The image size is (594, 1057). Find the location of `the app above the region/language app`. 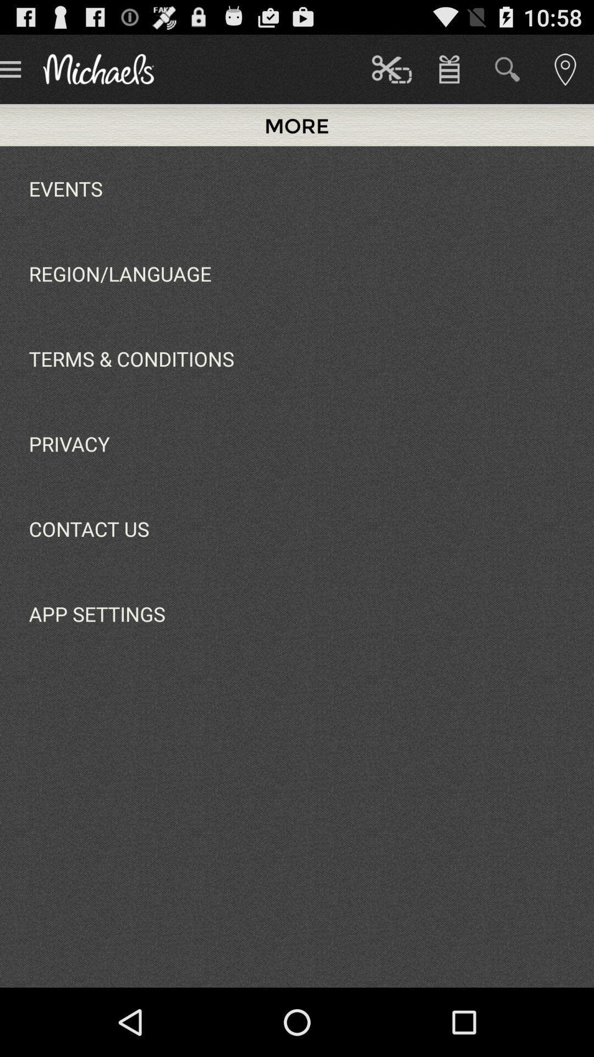

the app above the region/language app is located at coordinates (65, 188).